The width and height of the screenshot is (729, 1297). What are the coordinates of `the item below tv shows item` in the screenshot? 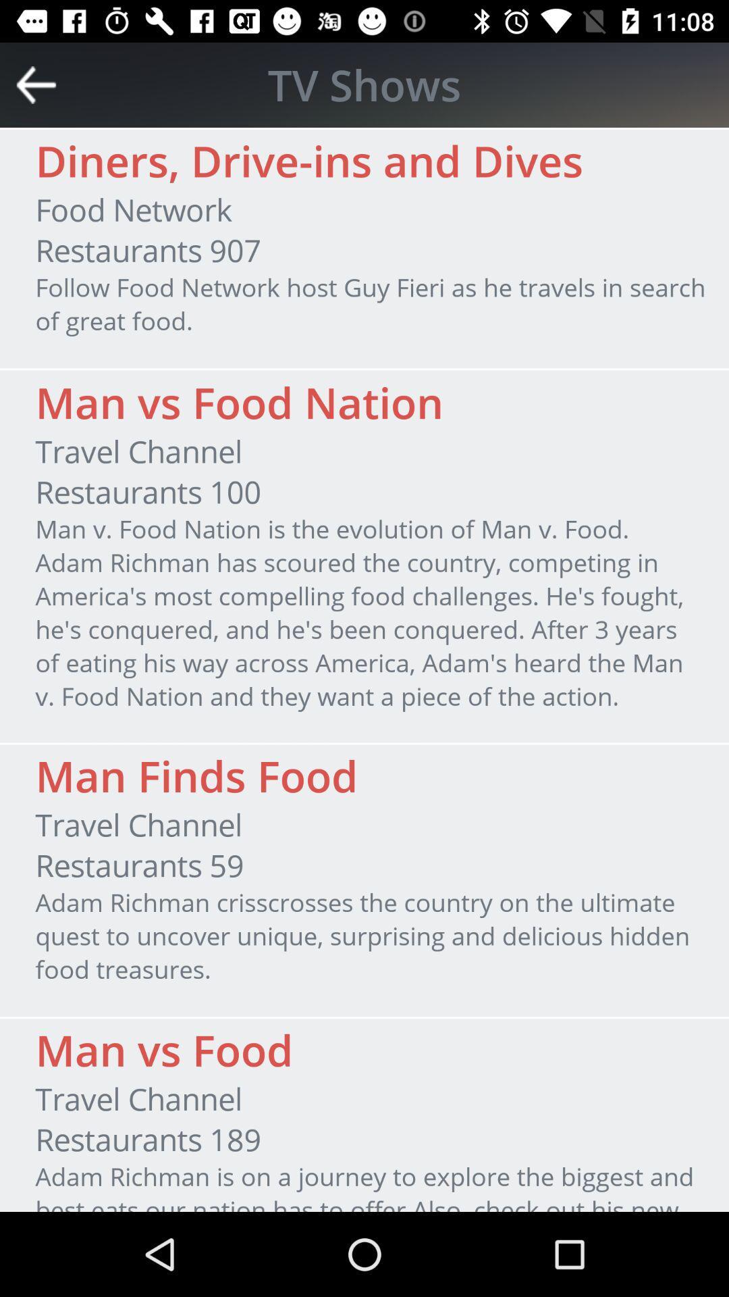 It's located at (309, 161).